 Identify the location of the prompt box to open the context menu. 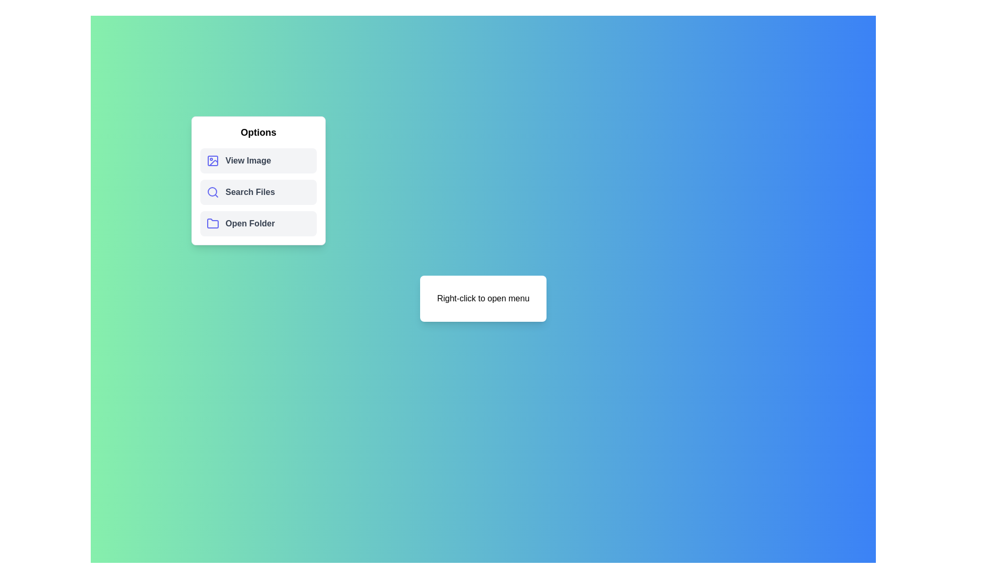
(483, 299).